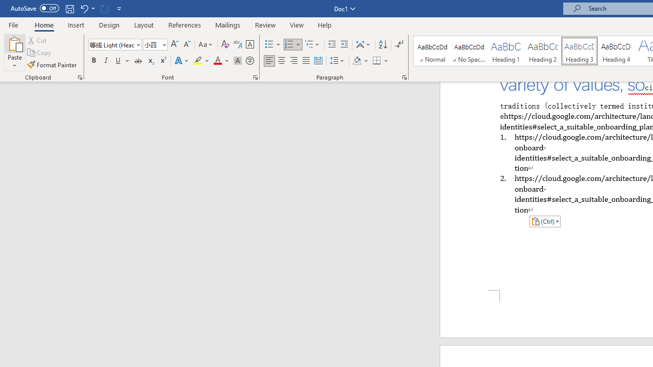 Image resolution: width=653 pixels, height=367 pixels. I want to click on 'Shrink Font', so click(187, 44).